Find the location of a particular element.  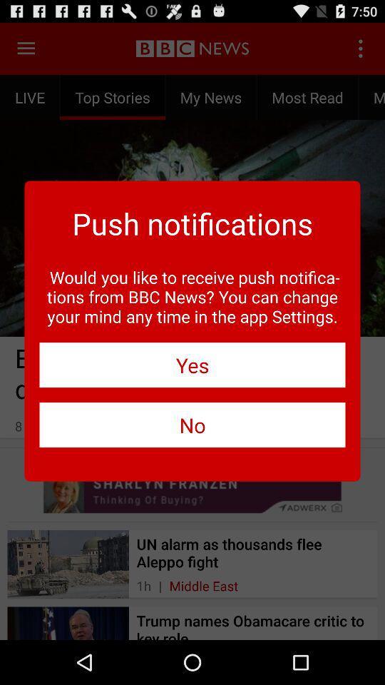

icon below the would you like icon is located at coordinates (192, 364).